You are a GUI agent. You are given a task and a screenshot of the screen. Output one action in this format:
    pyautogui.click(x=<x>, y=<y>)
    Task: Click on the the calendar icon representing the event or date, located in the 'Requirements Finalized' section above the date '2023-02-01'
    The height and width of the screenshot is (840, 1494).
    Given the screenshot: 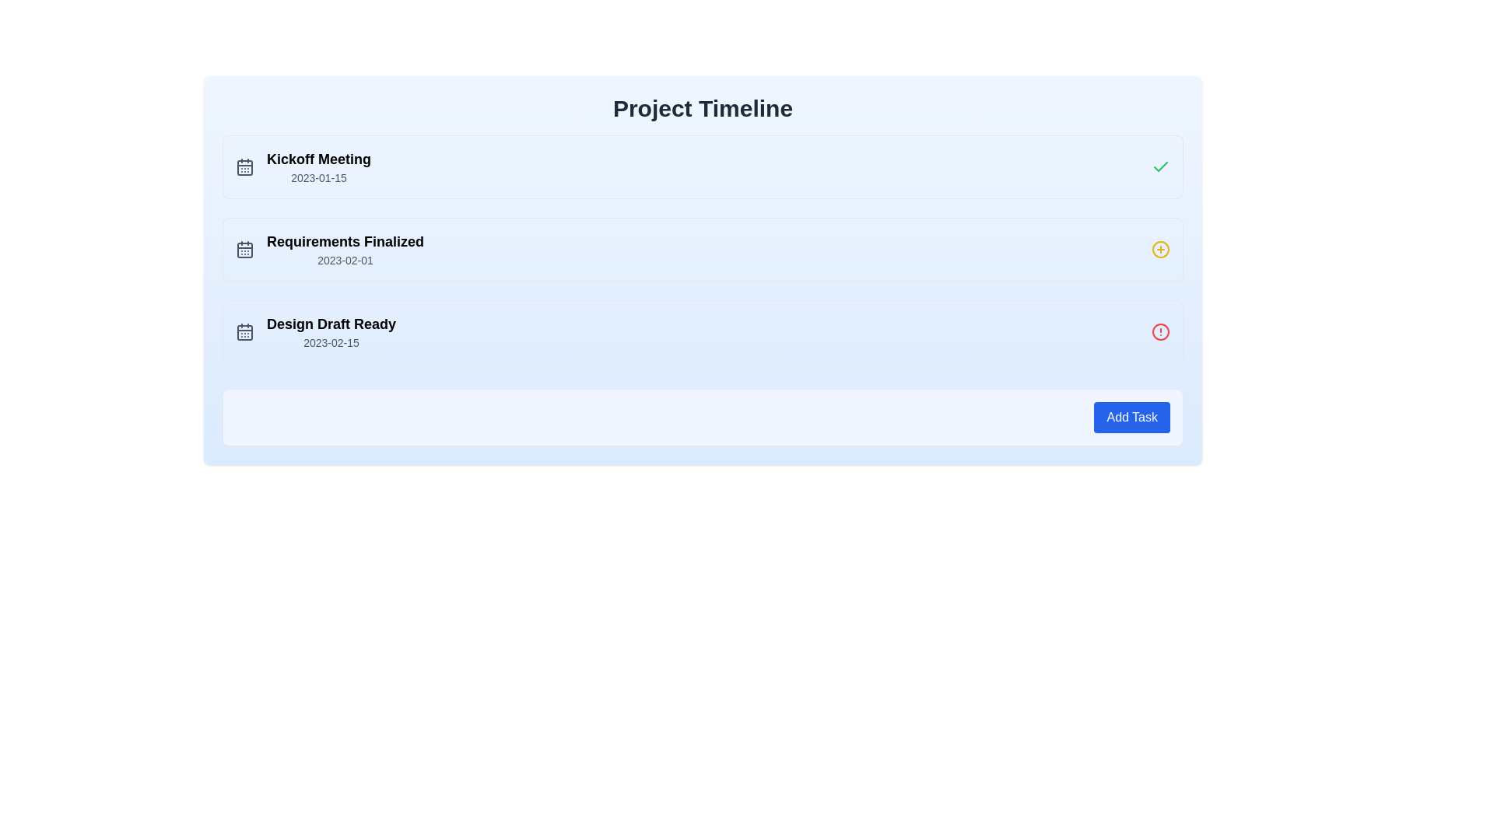 What is the action you would take?
    pyautogui.click(x=244, y=248)
    